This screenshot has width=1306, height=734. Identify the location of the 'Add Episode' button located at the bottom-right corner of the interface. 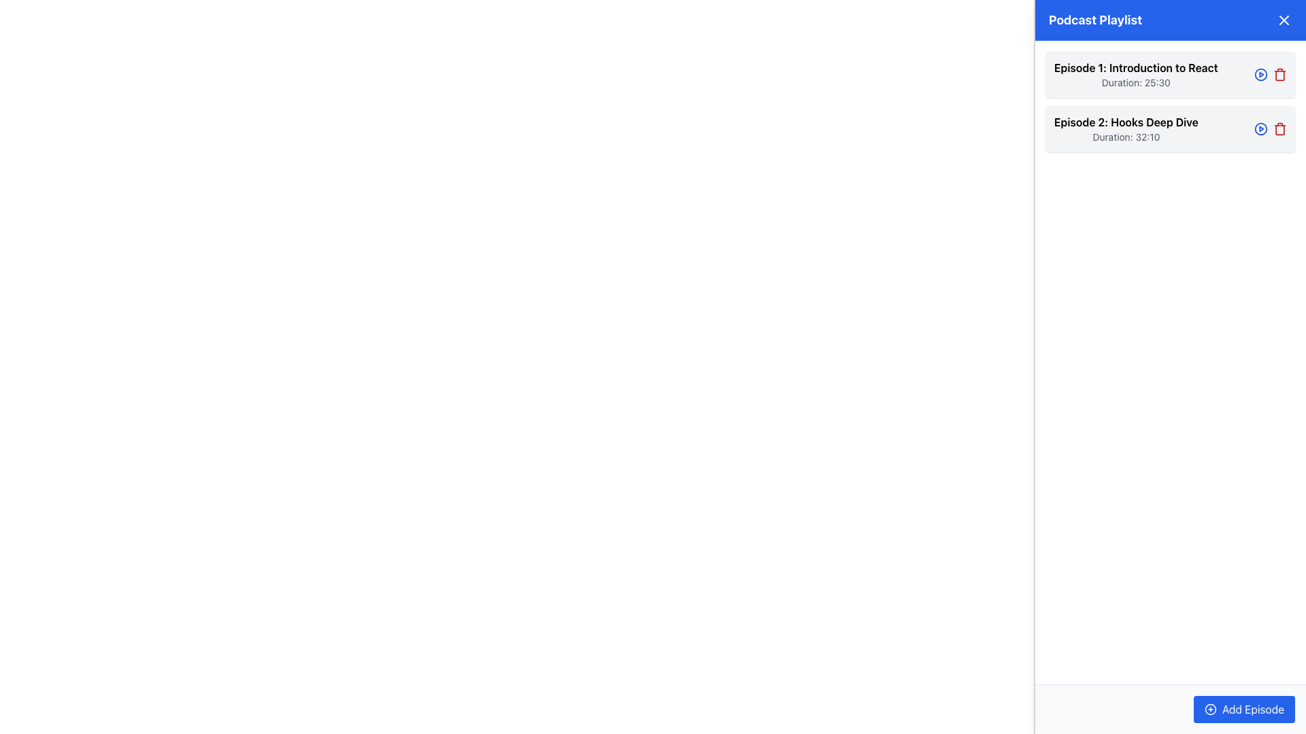
(1210, 709).